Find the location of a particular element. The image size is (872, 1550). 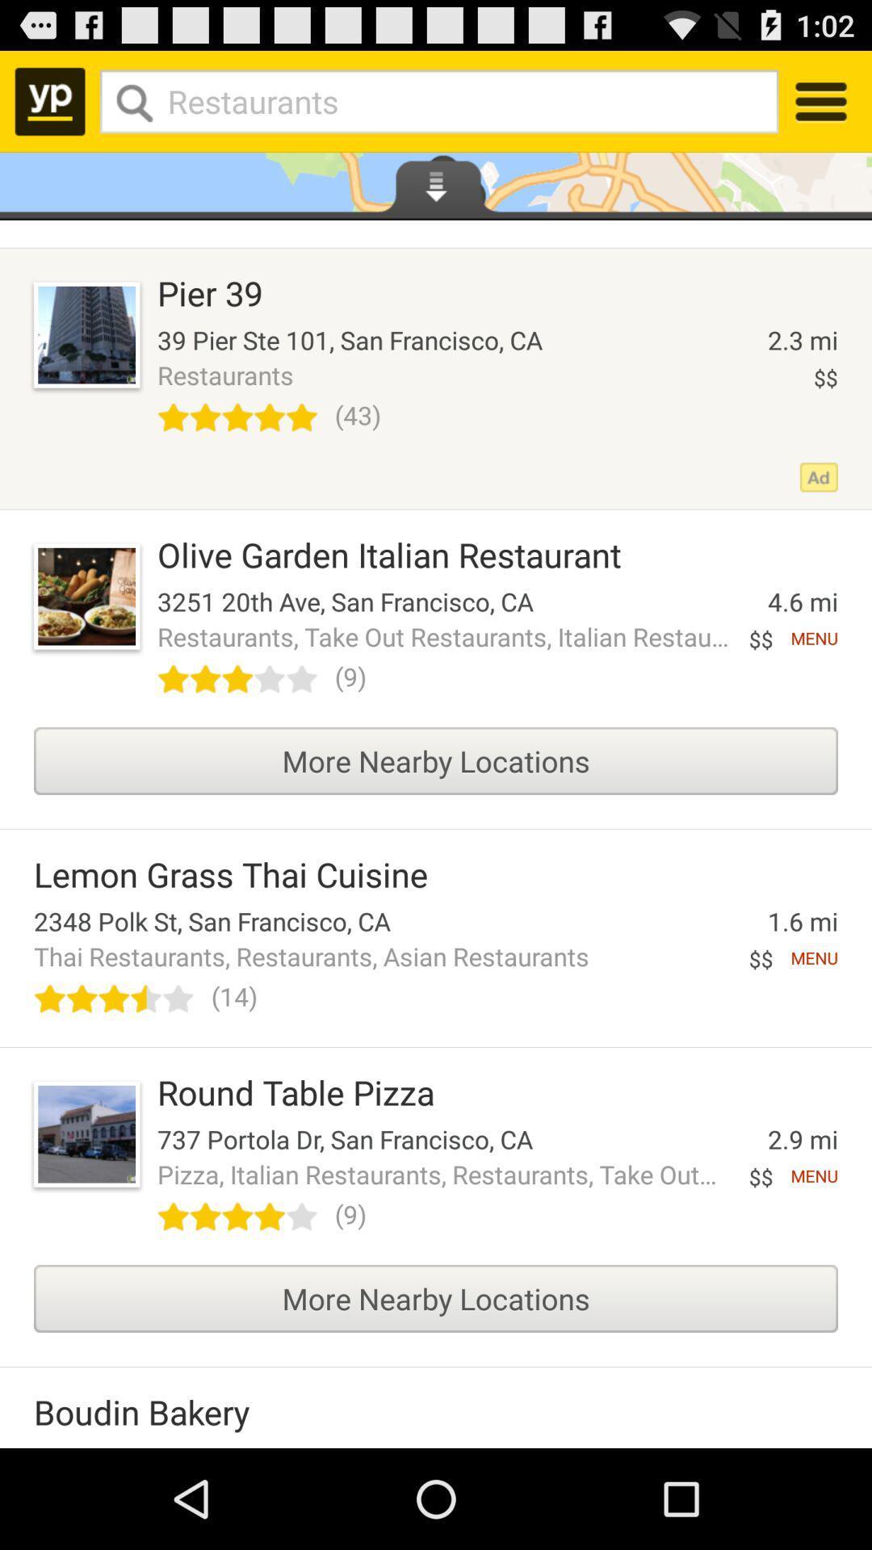

the menu icon is located at coordinates (825, 107).